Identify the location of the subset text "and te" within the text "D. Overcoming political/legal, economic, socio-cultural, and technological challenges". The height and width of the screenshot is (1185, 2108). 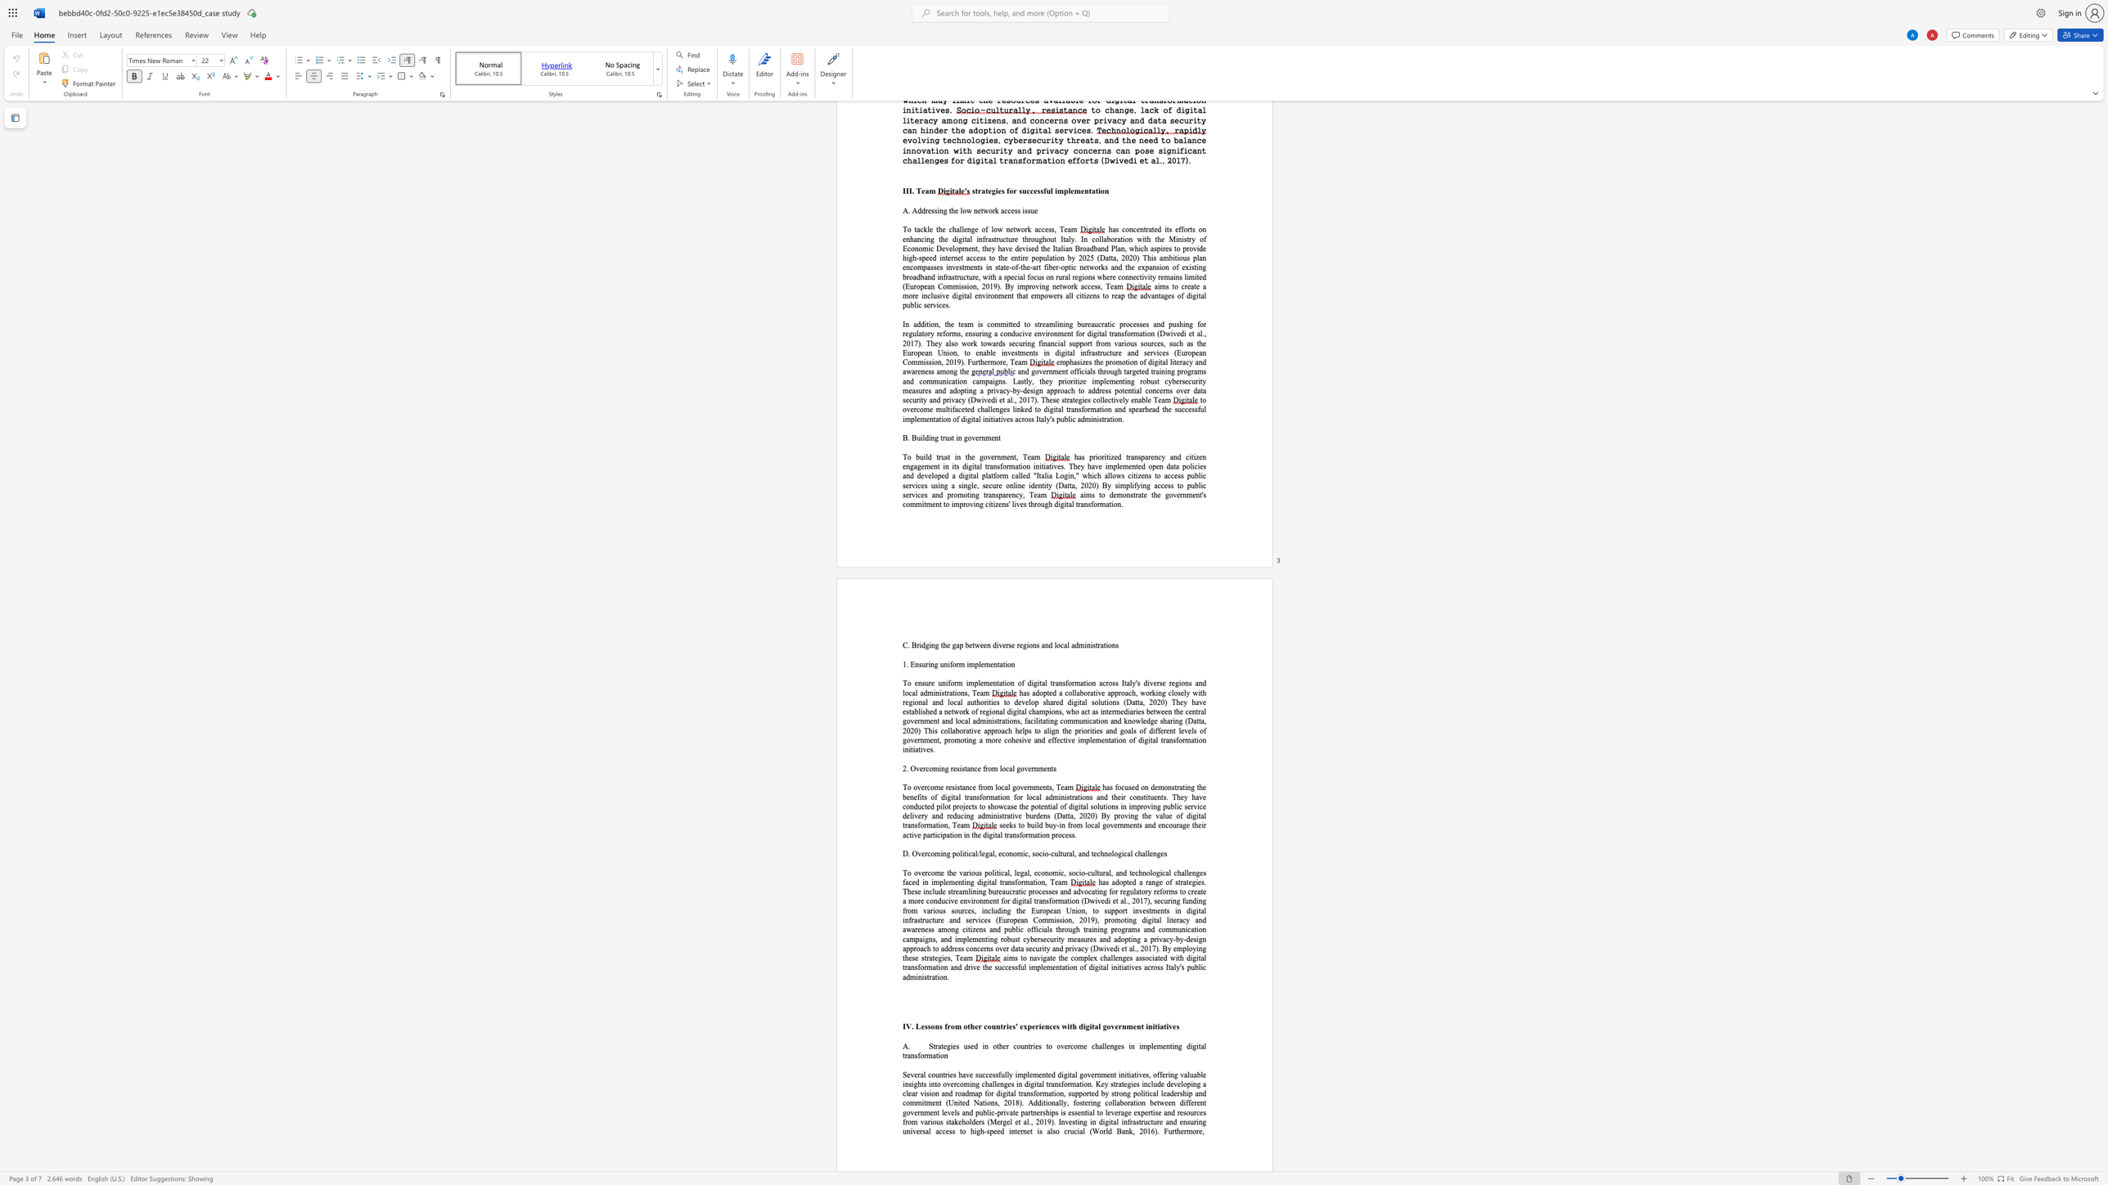
(1079, 853).